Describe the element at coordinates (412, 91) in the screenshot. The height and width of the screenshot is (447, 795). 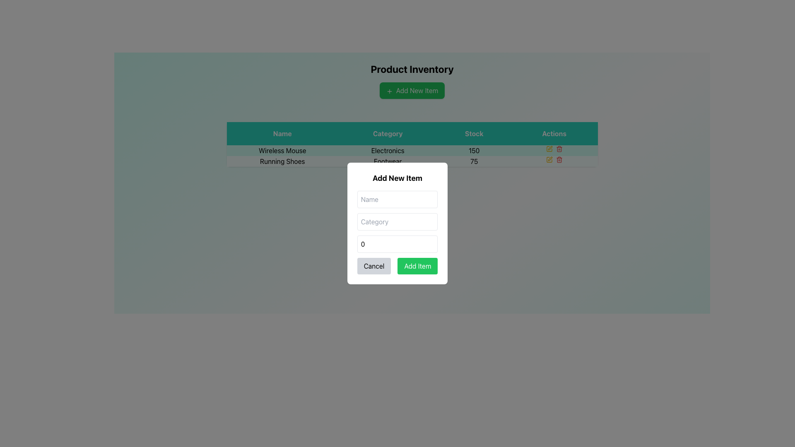
I see `the green button labeled 'Add New Item' with a plus icon, located below the 'Product Inventory' title` at that location.